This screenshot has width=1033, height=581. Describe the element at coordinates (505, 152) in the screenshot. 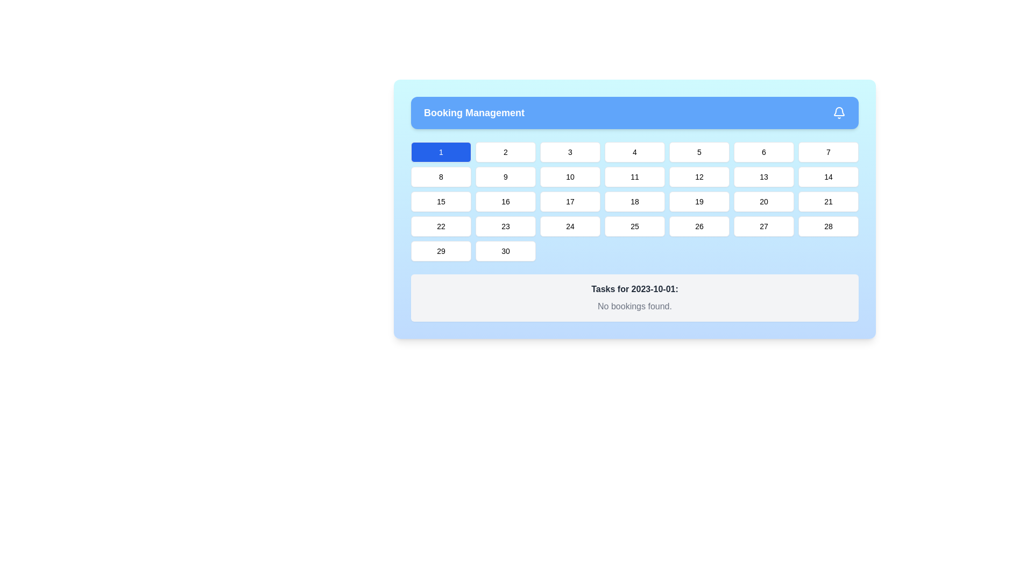

I see `the button labeled '2' located in the grid layout of buttons within the 'Booking Management' panel` at that location.